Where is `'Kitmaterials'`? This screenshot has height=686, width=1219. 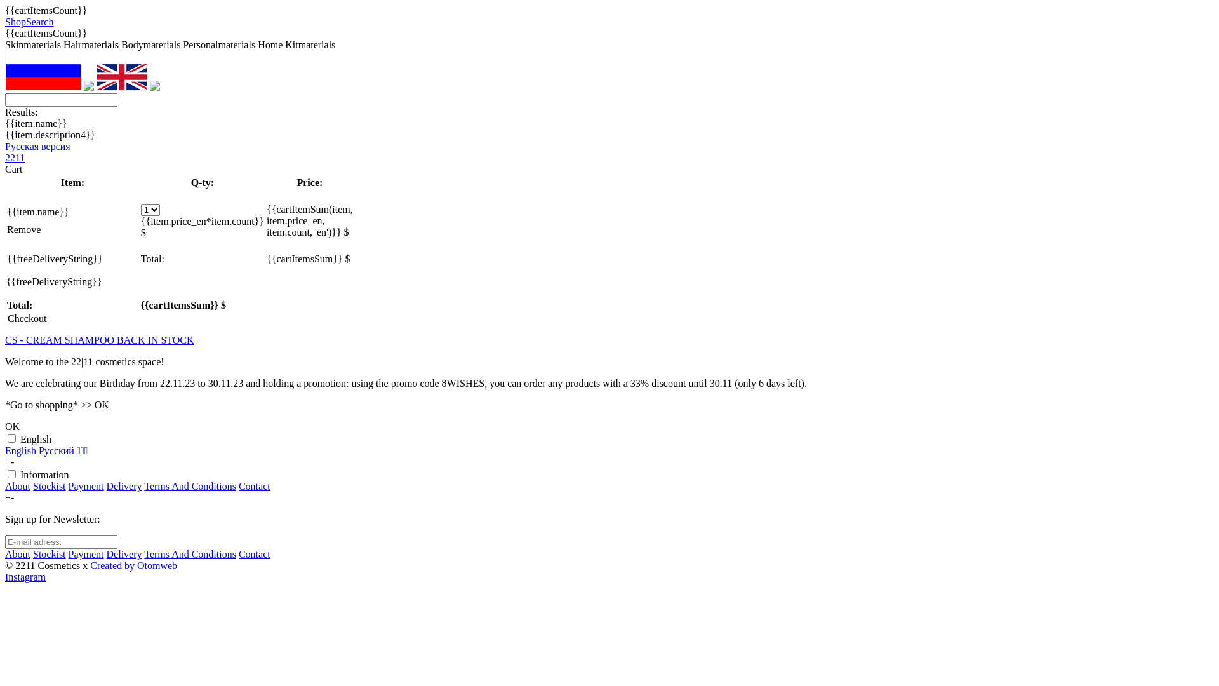 'Kitmaterials' is located at coordinates (310, 44).